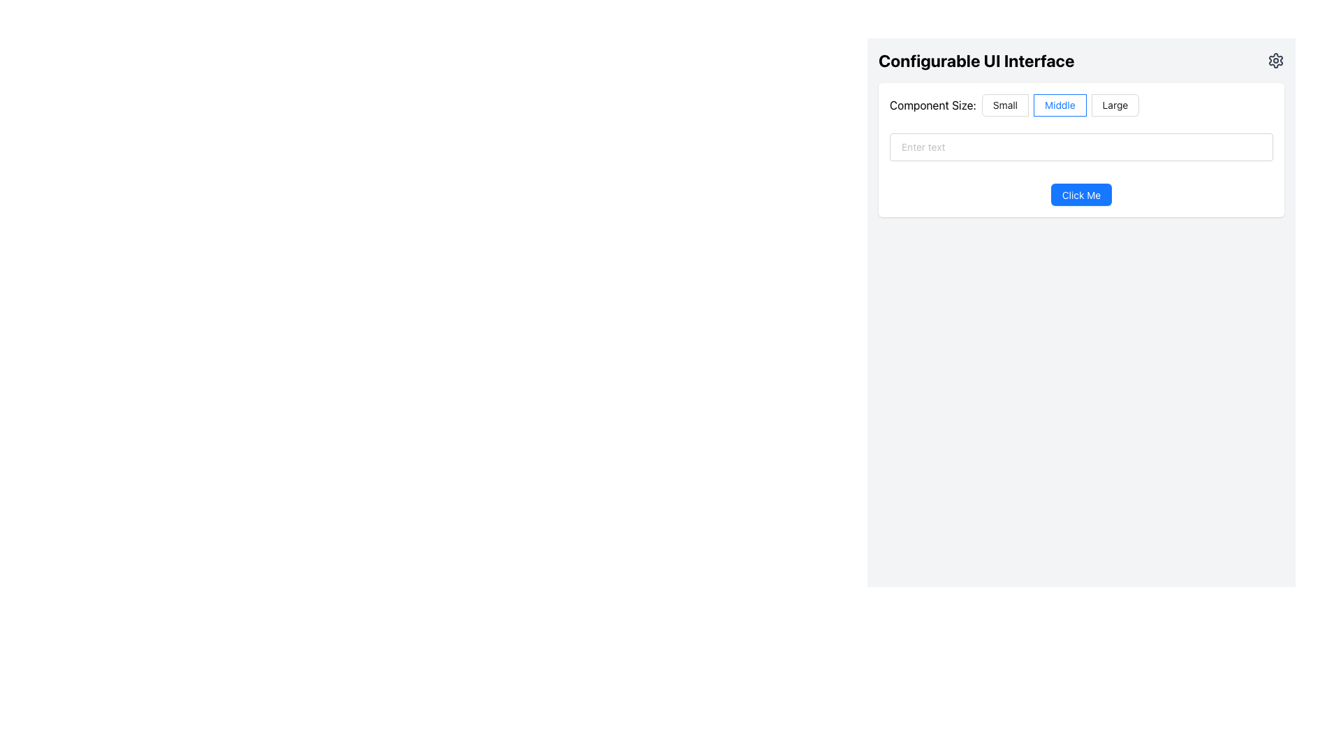 This screenshot has height=754, width=1341. What do you see at coordinates (1060, 104) in the screenshot?
I see `to select the 'Middle' radio button option, which is the second option in the group of three radio buttons labeled 'Small', 'Middle', and 'Large' located beneath the 'Component Size:' heading` at bounding box center [1060, 104].